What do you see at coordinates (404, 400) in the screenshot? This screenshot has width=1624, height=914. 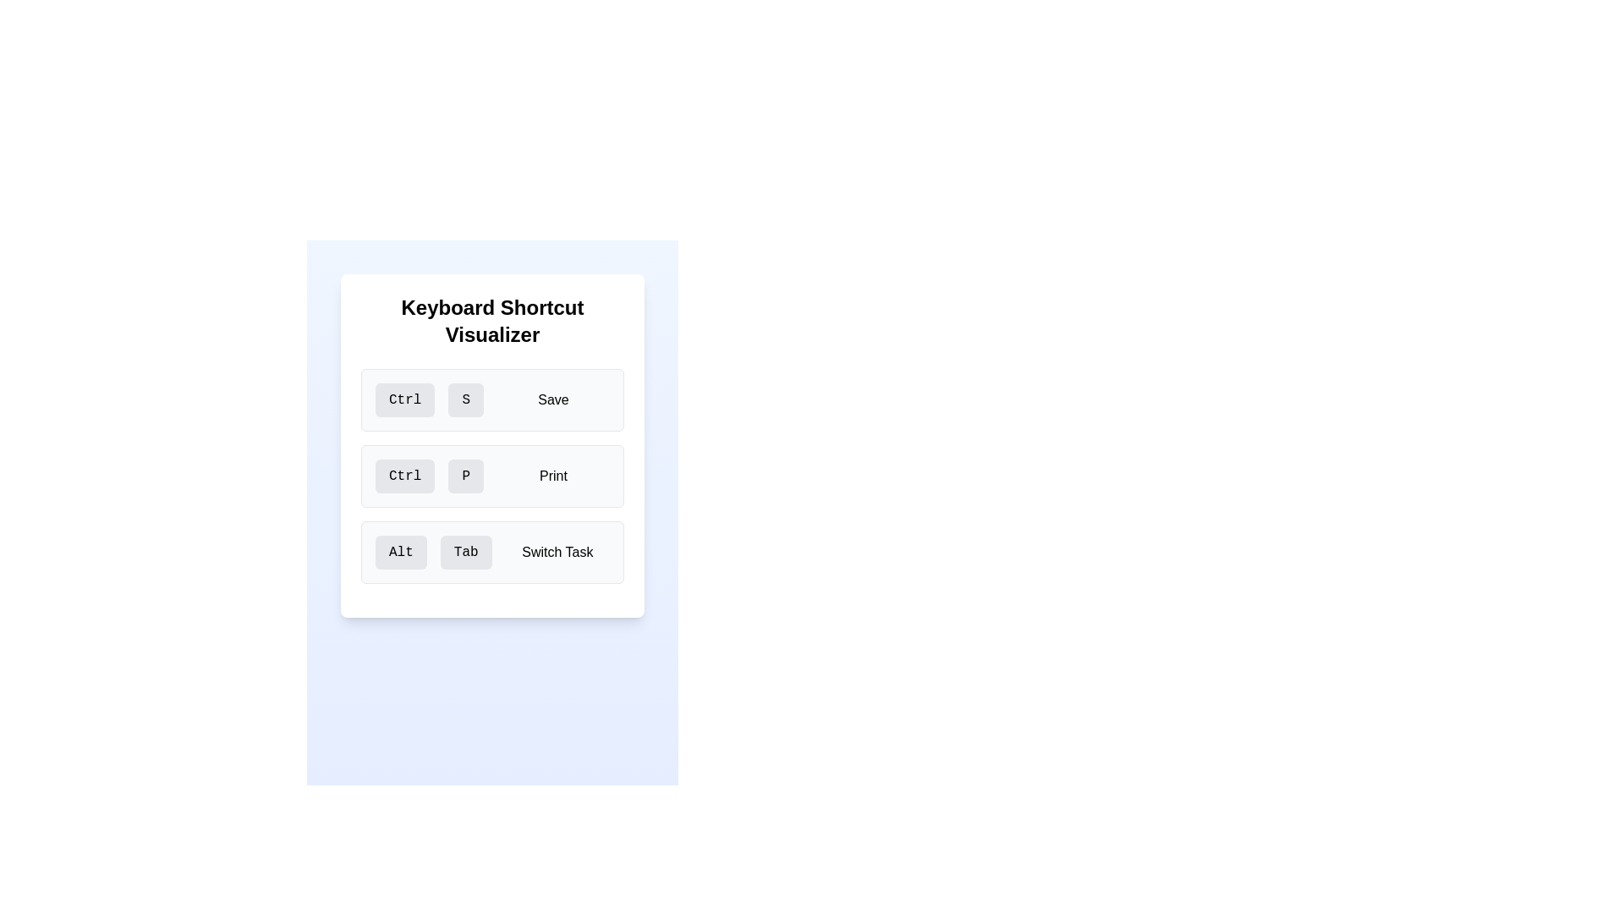 I see `the static visual representation of the 'Ctrl' key, which is the first element in a horizontal sequence of keyboard shortcut buttons` at bounding box center [404, 400].